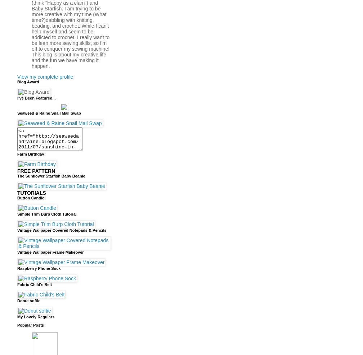 The image size is (363, 355). What do you see at coordinates (50, 252) in the screenshot?
I see `'Vintage Wallpaper Frame Makeover'` at bounding box center [50, 252].